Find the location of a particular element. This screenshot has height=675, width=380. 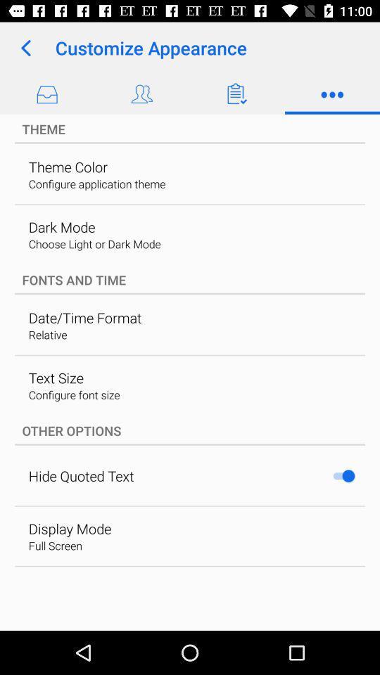

the third icon from right from customize appearance is located at coordinates (237, 93).